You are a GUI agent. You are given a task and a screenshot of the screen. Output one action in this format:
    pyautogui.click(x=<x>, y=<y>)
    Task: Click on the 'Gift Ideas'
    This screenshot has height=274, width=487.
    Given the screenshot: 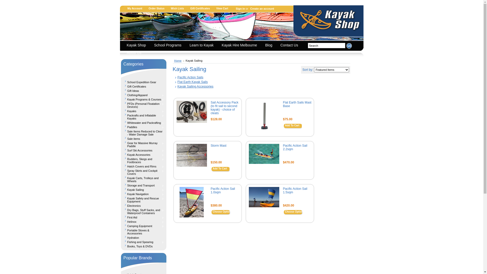 What is the action you would take?
    pyautogui.click(x=120, y=90)
    